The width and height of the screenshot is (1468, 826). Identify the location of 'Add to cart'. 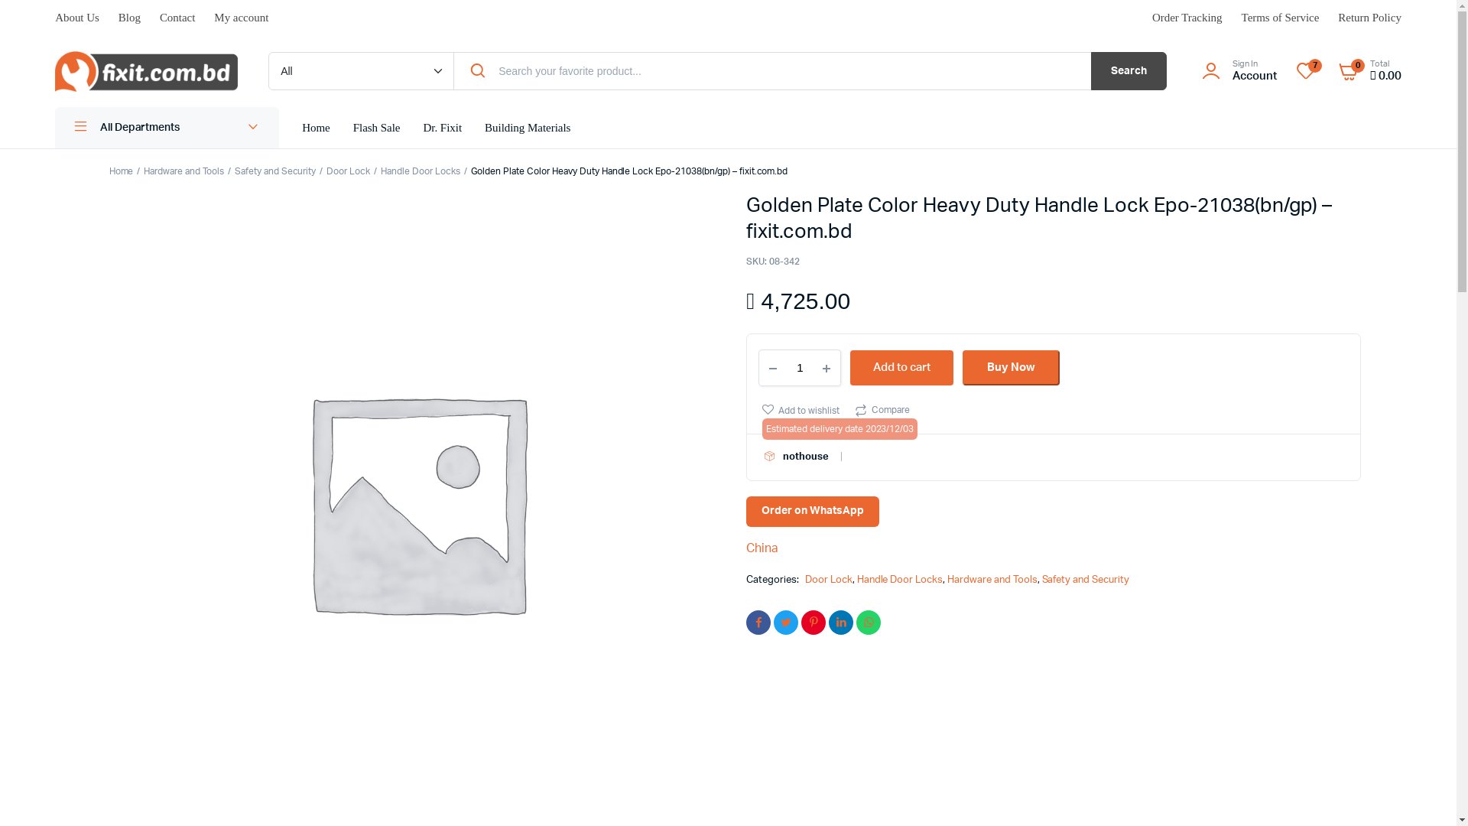
(901, 368).